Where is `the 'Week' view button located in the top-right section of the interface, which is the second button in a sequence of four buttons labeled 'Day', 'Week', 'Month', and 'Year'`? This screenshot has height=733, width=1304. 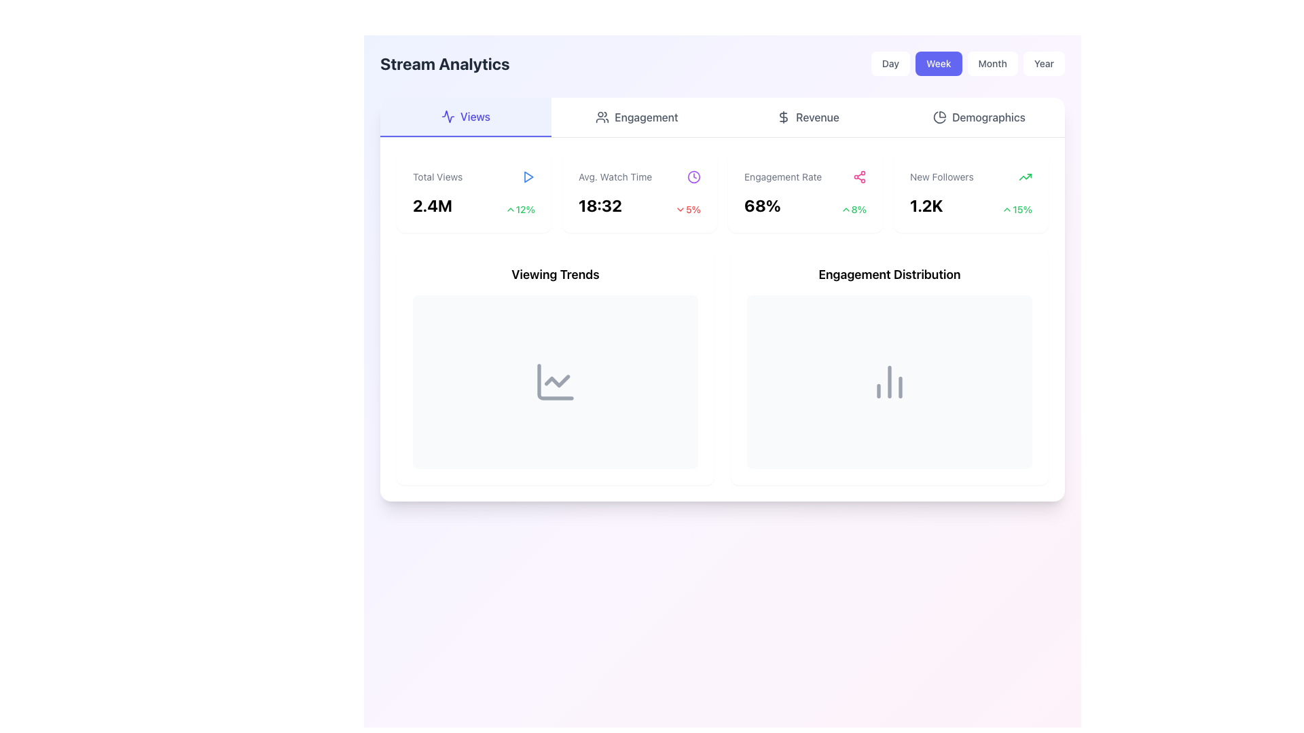
the 'Week' view button located in the top-right section of the interface, which is the second button in a sequence of four buttons labeled 'Day', 'Week', 'Month', and 'Year' is located at coordinates (938, 63).